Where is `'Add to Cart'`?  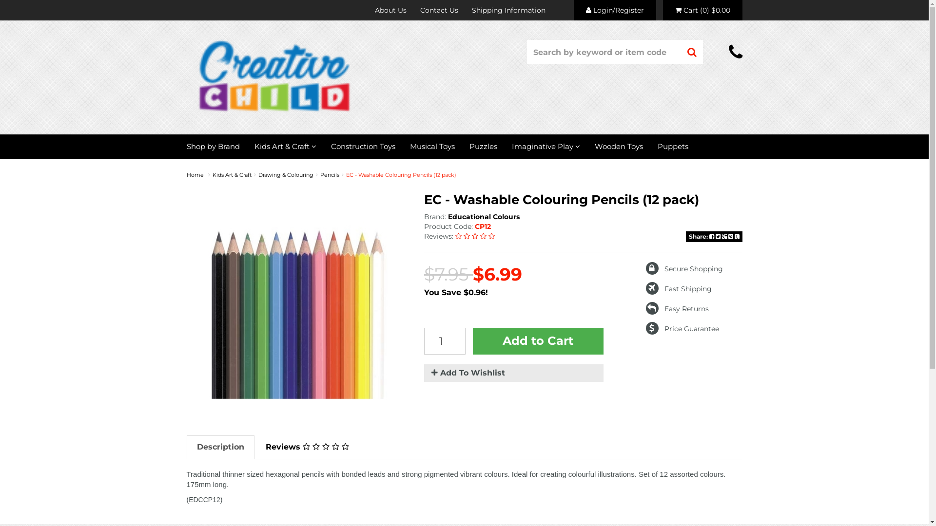
'Add to Cart' is located at coordinates (538, 340).